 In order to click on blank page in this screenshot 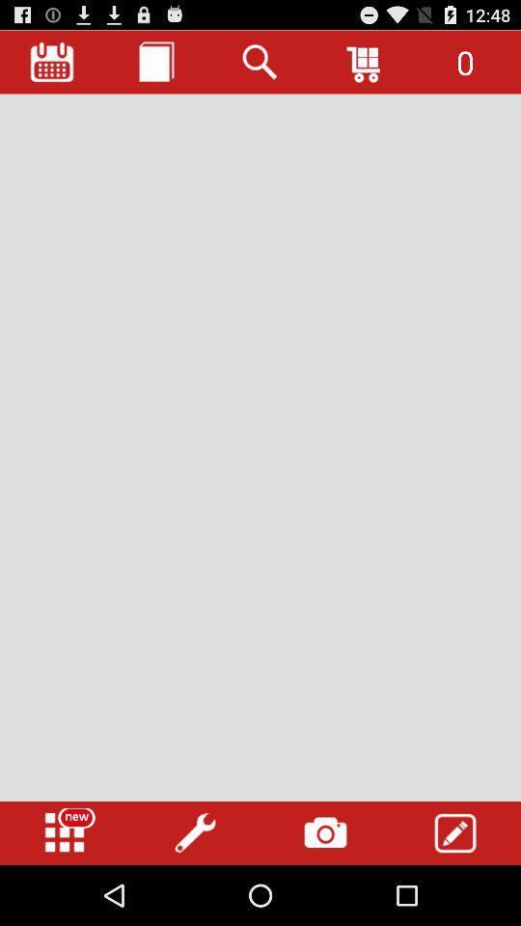, I will do `click(260, 448)`.